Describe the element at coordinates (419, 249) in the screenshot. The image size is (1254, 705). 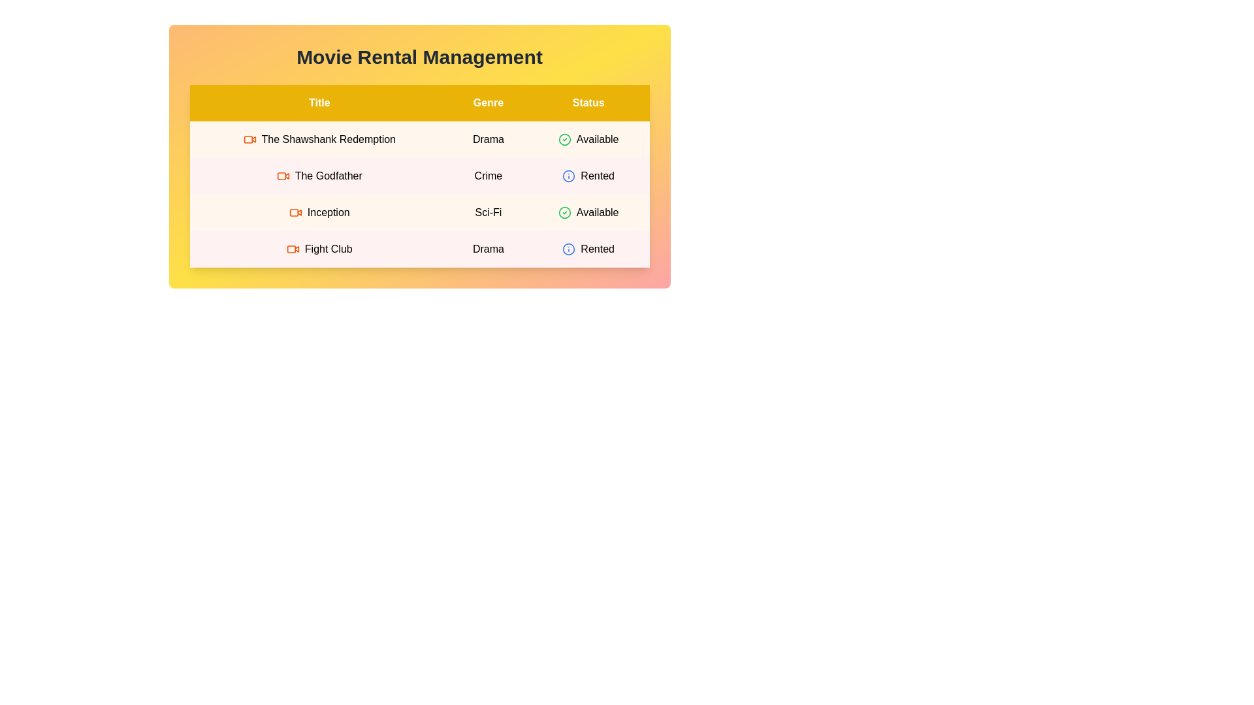
I see `the row corresponding to the movie Fight Club` at that location.